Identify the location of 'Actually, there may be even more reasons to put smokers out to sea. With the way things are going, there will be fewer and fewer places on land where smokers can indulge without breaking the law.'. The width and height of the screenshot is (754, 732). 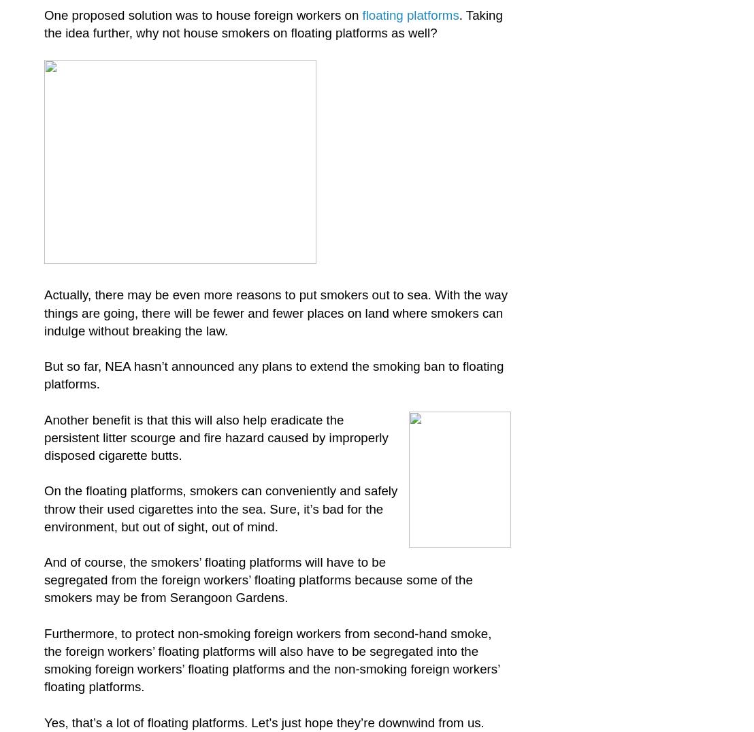
(276, 312).